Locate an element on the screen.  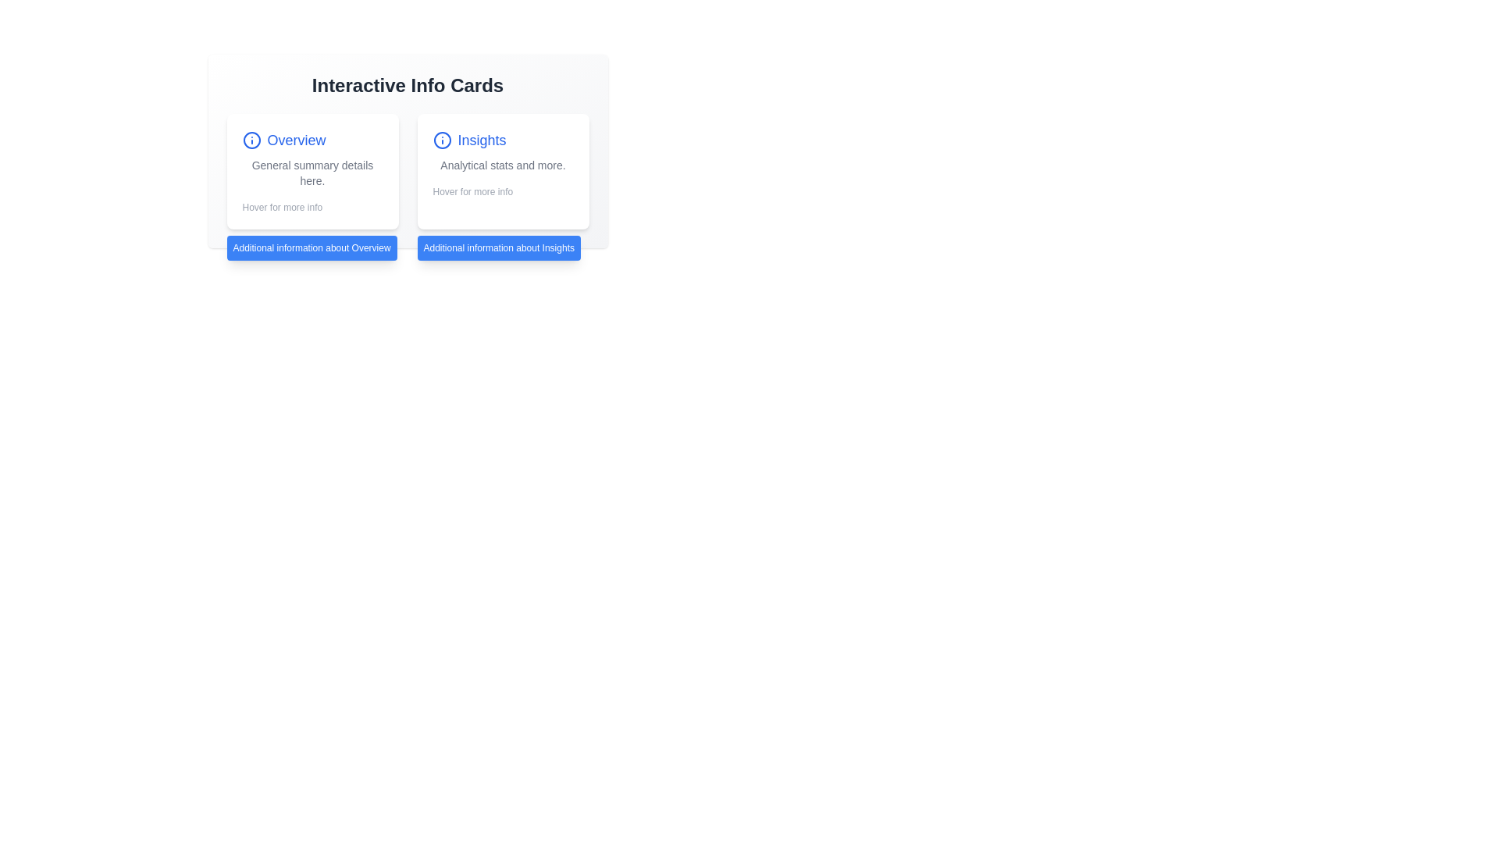
text that provides a general summary related to the 'Overview' section, positioned in the center area of the left card beneath the 'Overview' header is located at coordinates (312, 173).